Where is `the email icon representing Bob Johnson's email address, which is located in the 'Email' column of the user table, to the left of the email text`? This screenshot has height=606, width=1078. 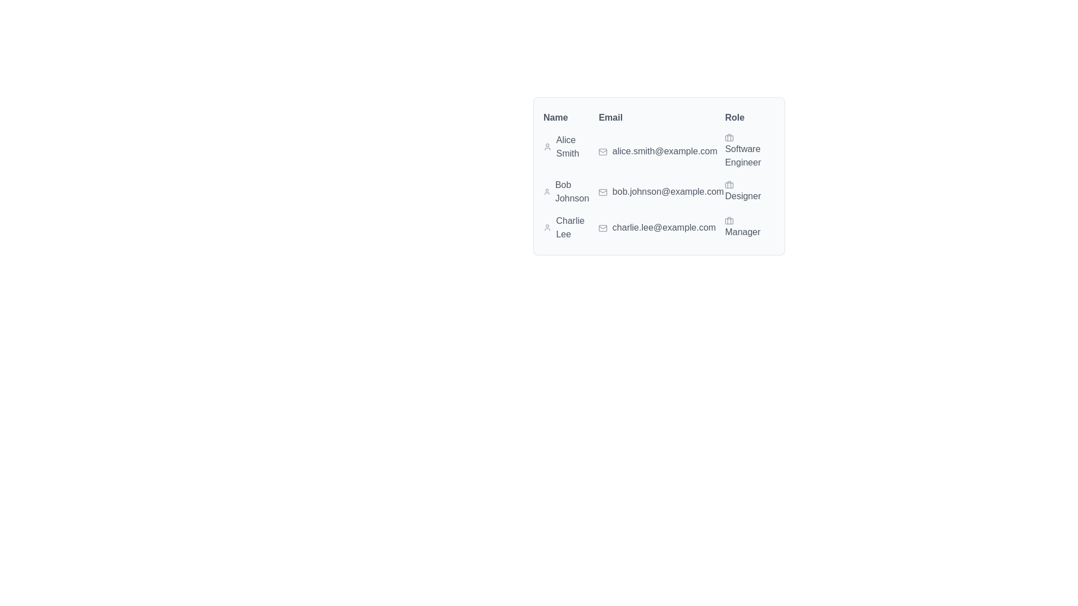
the email icon representing Bob Johnson's email address, which is located in the 'Email' column of the user table, to the left of the email text is located at coordinates (602, 191).